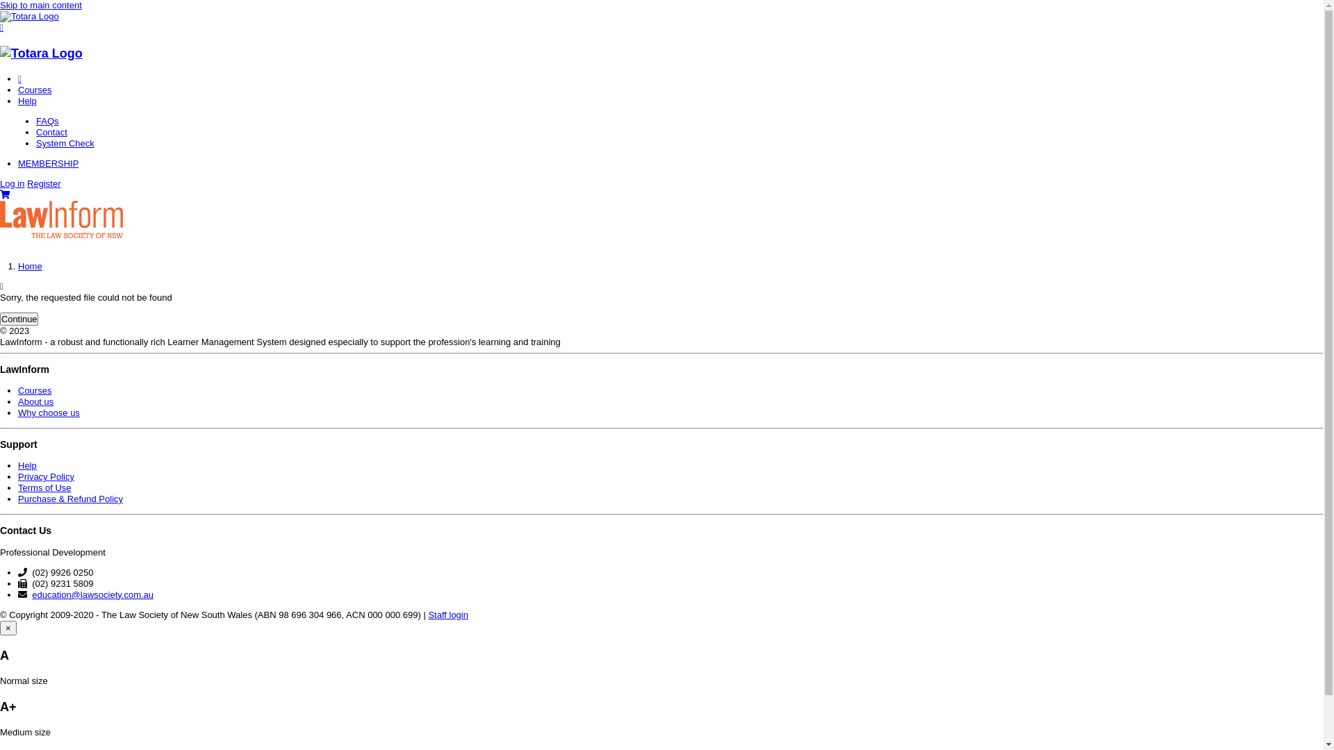 The image size is (1334, 750). What do you see at coordinates (34, 390) in the screenshot?
I see `'Courses'` at bounding box center [34, 390].